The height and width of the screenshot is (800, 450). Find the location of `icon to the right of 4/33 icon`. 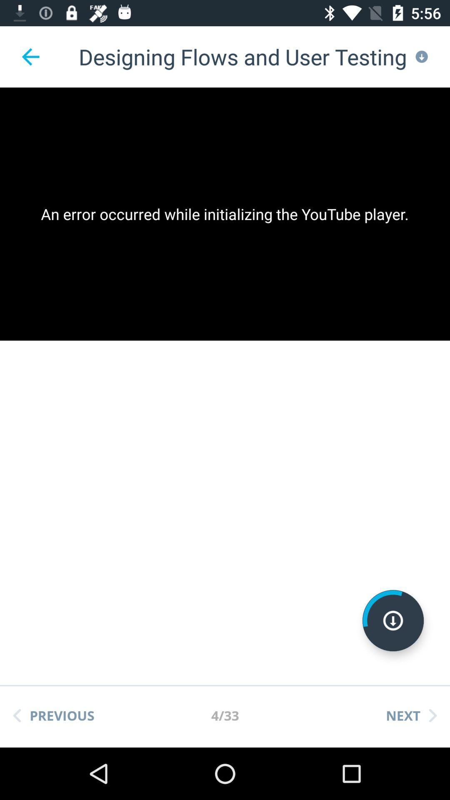

icon to the right of 4/33 icon is located at coordinates (411, 715).